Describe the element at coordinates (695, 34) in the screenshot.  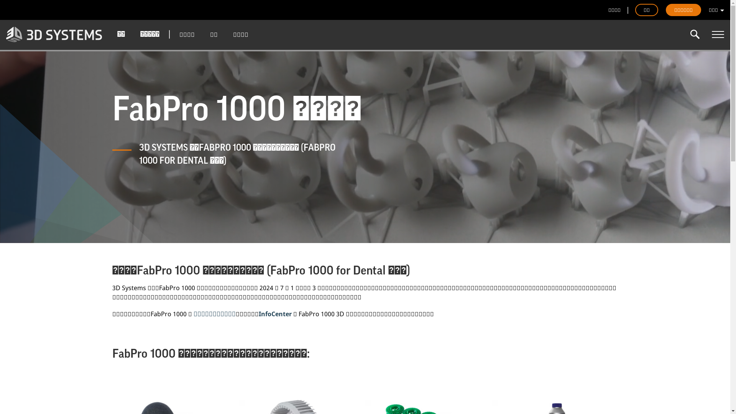
I see `'Search'` at that location.